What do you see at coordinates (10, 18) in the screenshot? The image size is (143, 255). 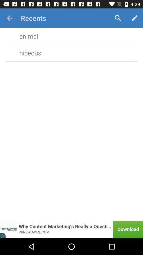 I see `app to the left of recents item` at bounding box center [10, 18].